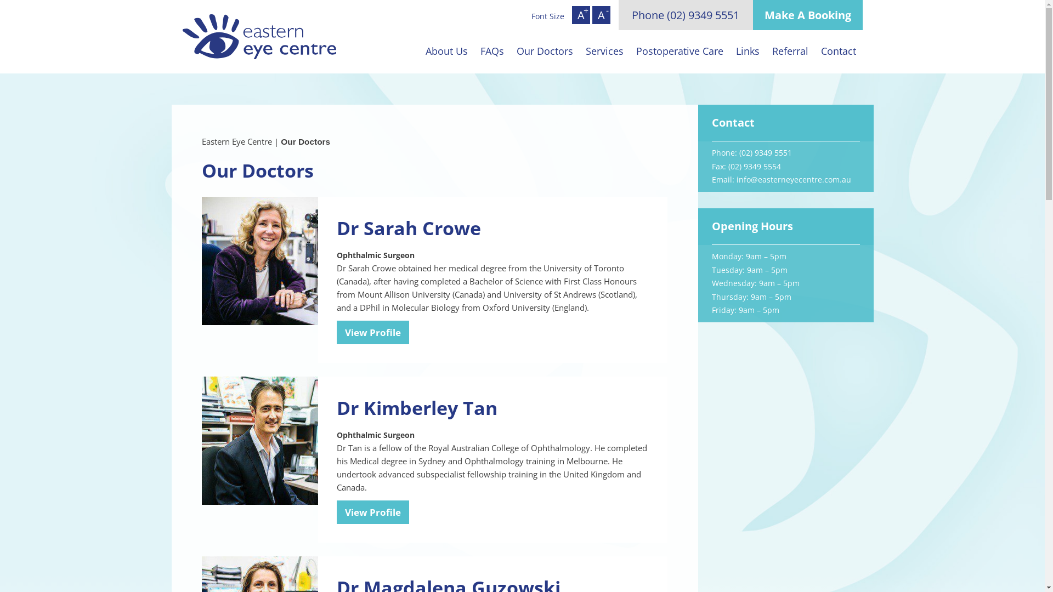 Image resolution: width=1053 pixels, height=592 pixels. Describe the element at coordinates (604, 50) in the screenshot. I see `'Services'` at that location.